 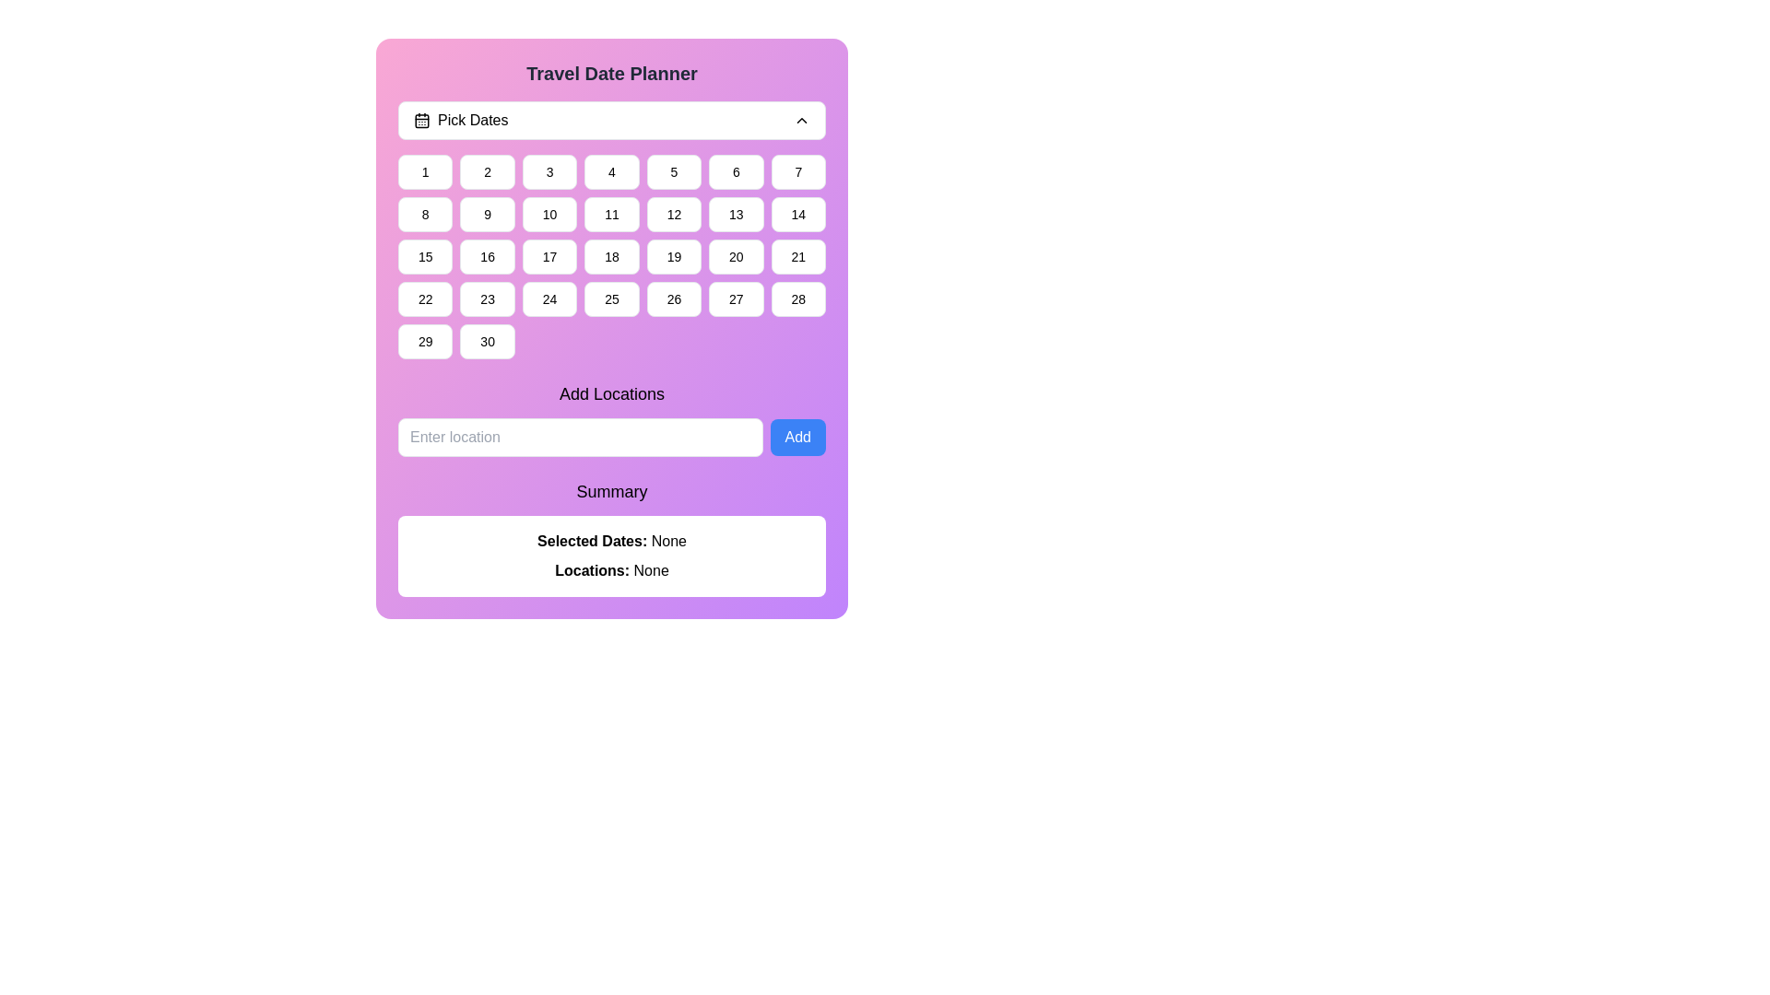 I want to click on the selectable date button '19' in the date-picker interface of the 'Travel Date Planner', so click(x=672, y=256).